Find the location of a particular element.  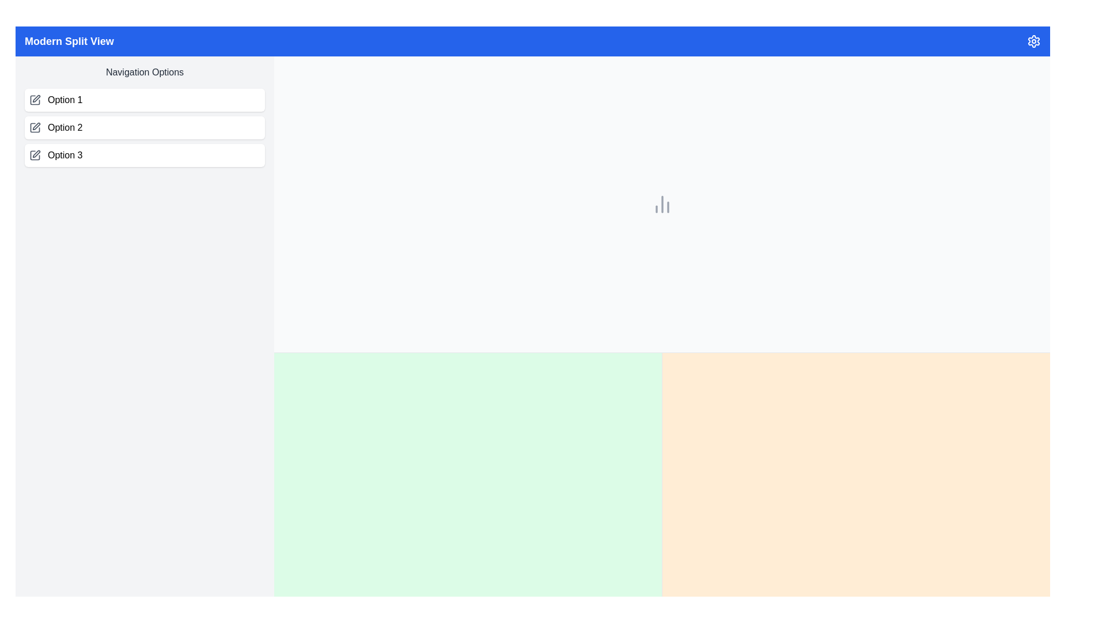

the text label displaying 'Modern Split View' in bold white font against a blue background, located in the top-left corner of the interface is located at coordinates (69, 41).